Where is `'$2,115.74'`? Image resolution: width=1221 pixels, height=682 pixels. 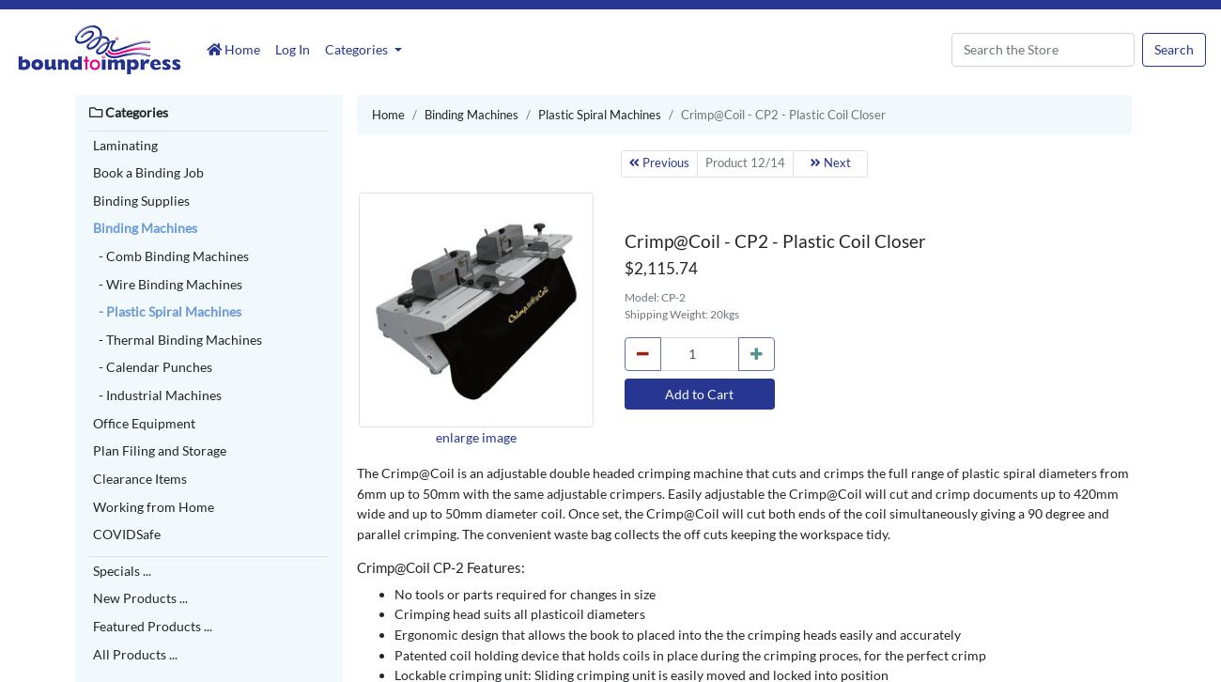
'$2,115.74' is located at coordinates (659, 267).